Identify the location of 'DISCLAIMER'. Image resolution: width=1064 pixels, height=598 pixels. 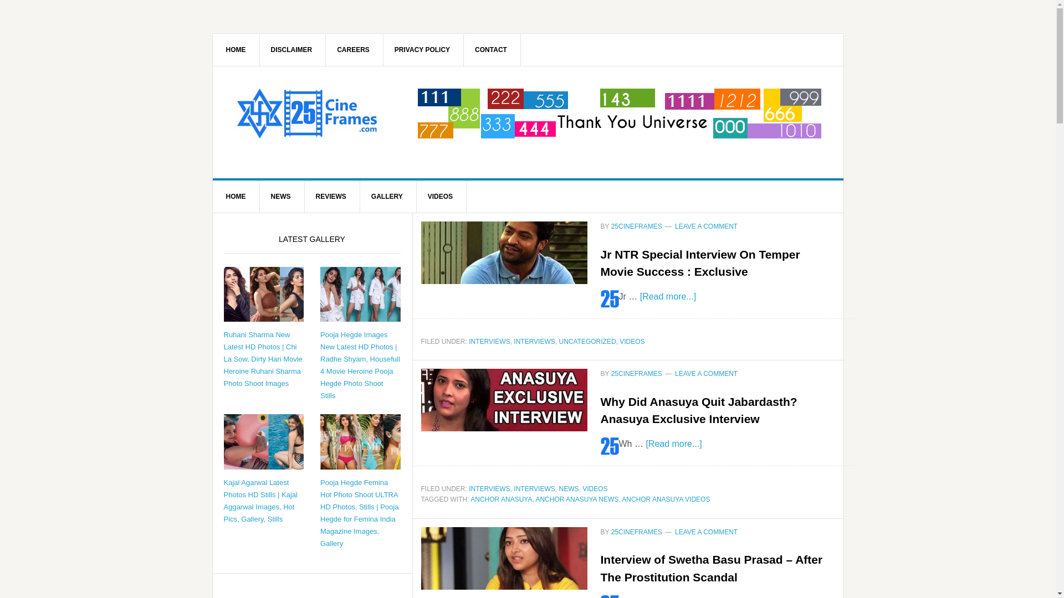
(291, 49).